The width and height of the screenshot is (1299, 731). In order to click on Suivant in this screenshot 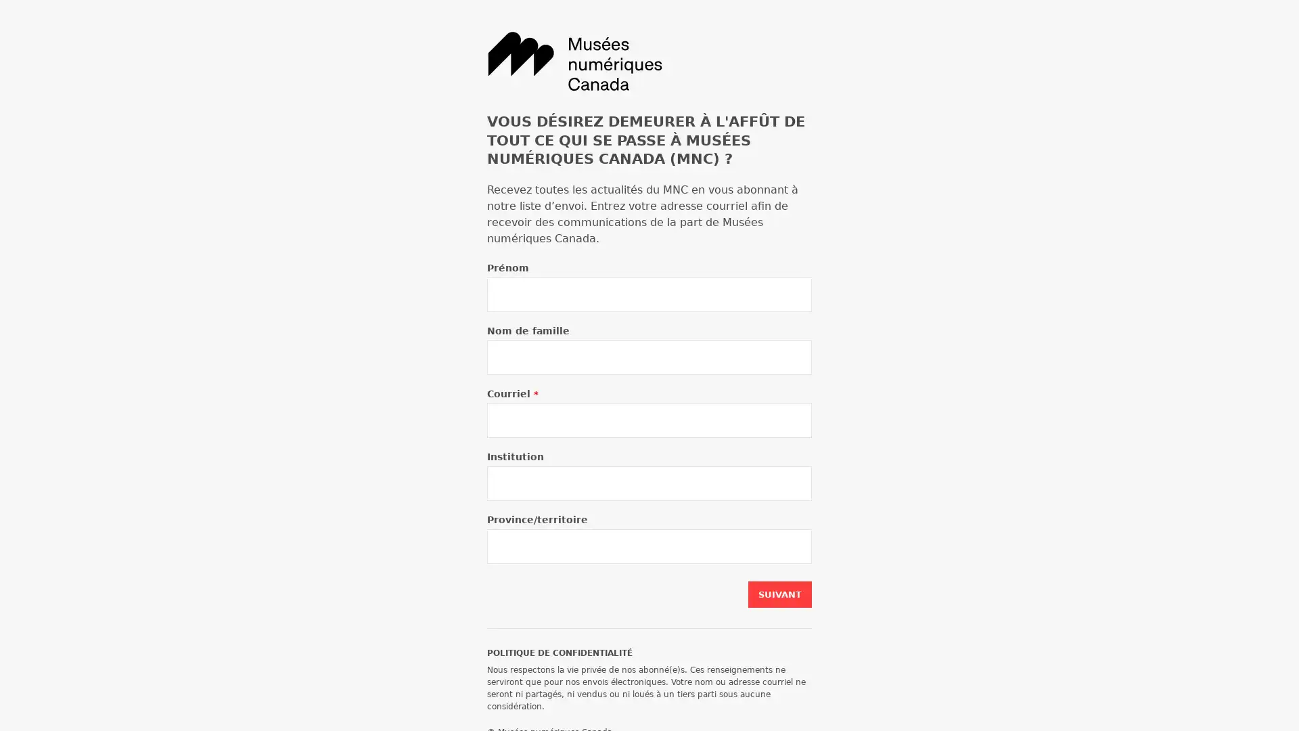, I will do `click(779, 594)`.